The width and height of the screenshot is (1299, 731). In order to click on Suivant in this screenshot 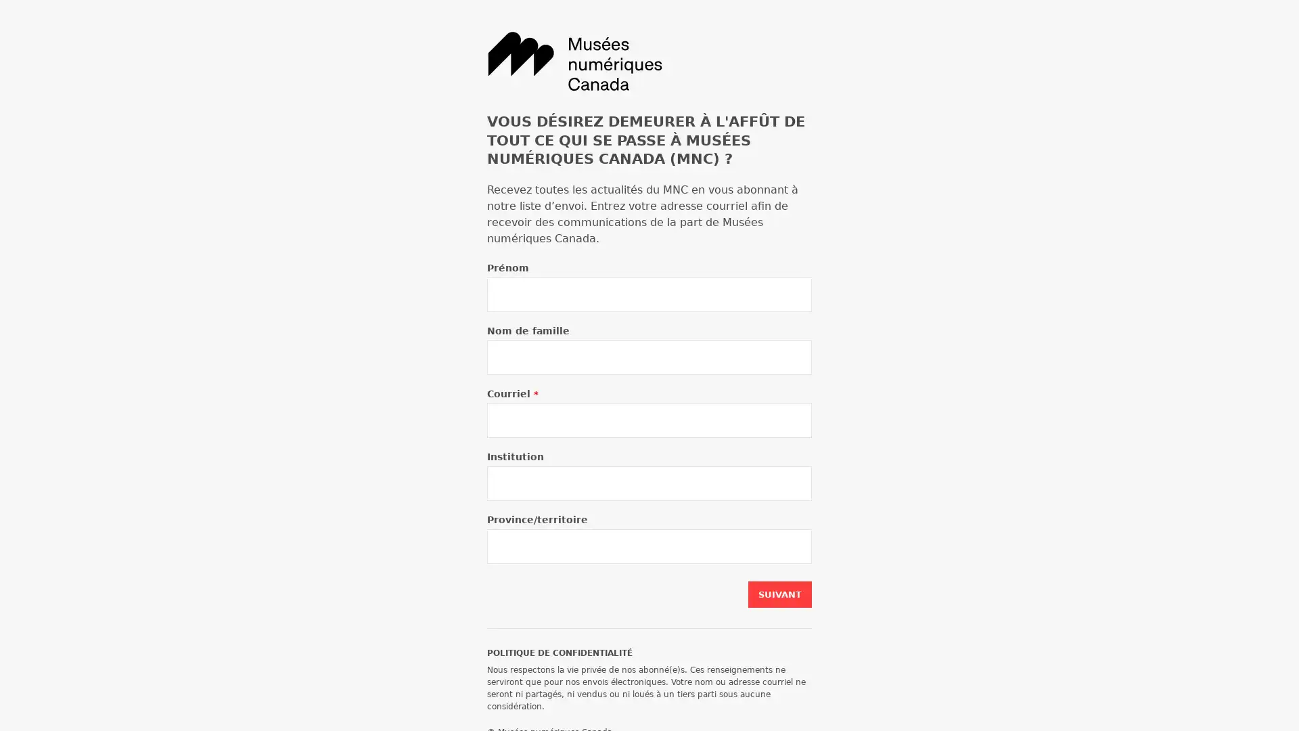, I will do `click(779, 594)`.